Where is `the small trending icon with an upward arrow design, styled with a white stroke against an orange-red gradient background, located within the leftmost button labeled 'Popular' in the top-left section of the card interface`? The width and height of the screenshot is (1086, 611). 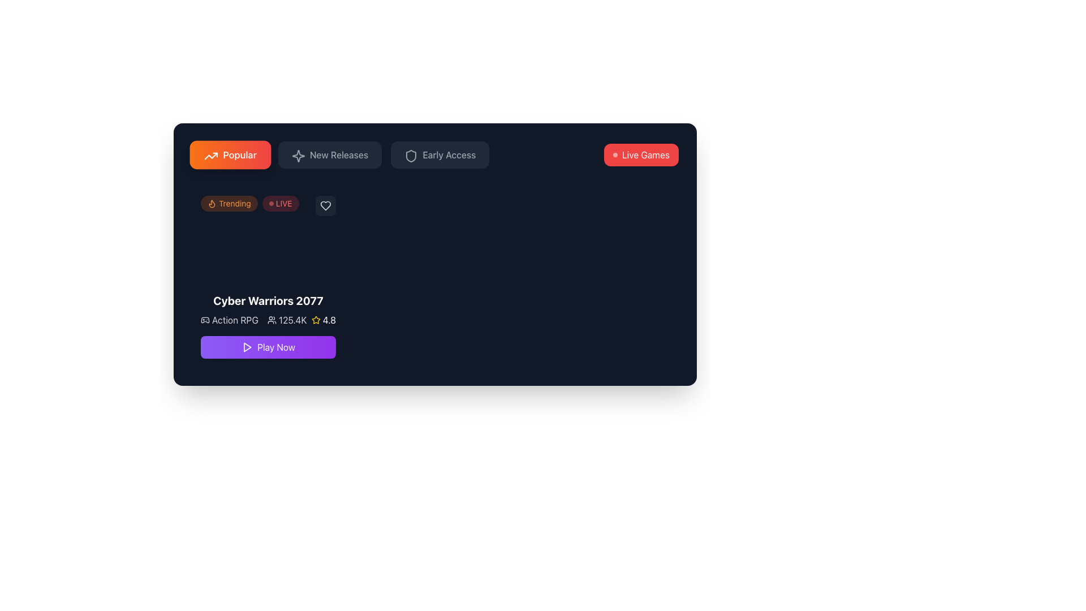
the small trending icon with an upward arrow design, styled with a white stroke against an orange-red gradient background, located within the leftmost button labeled 'Popular' in the top-left section of the card interface is located at coordinates (210, 154).